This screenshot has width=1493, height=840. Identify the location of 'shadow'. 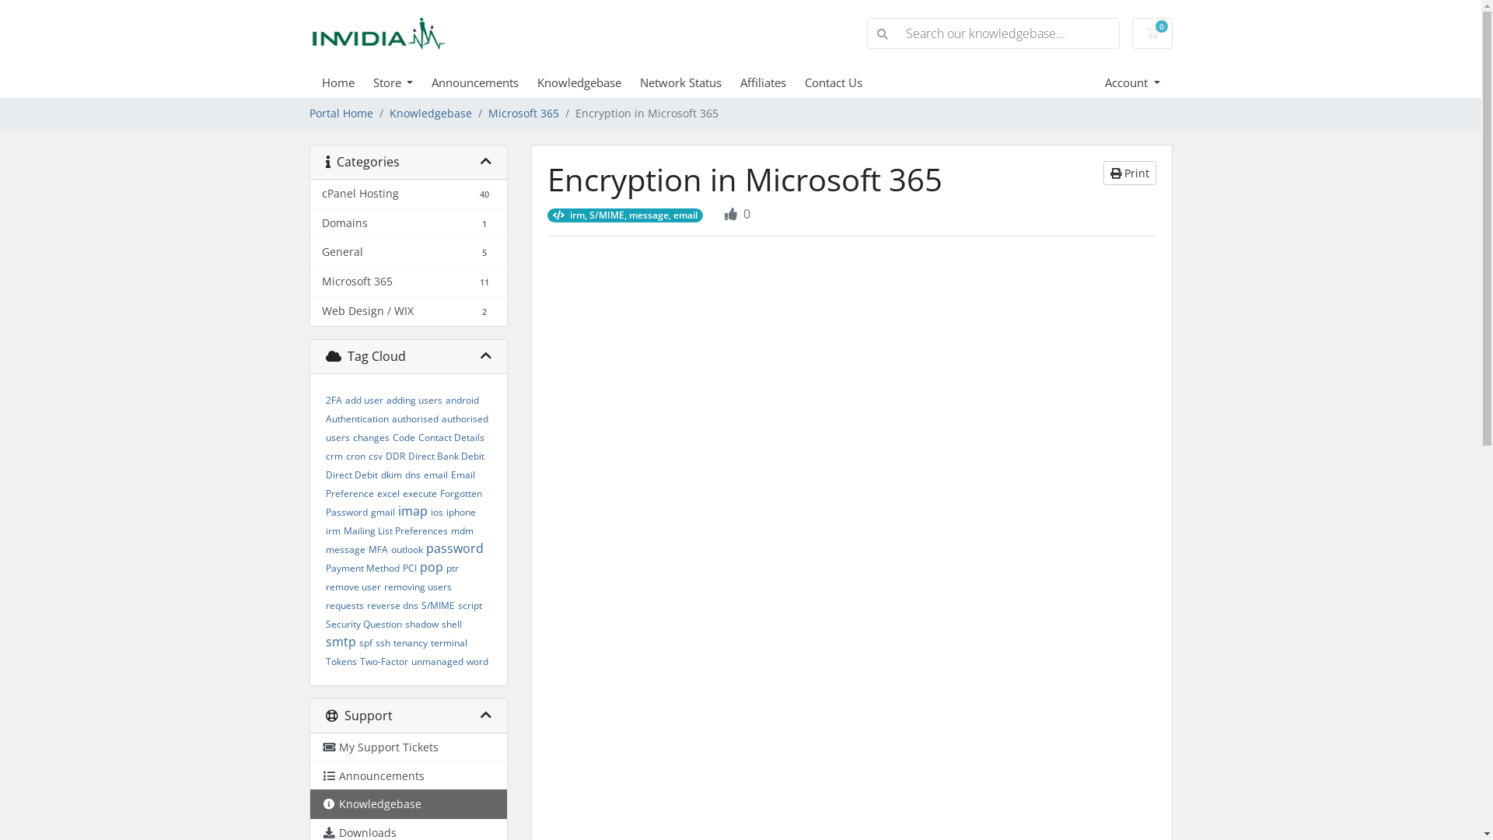
(421, 623).